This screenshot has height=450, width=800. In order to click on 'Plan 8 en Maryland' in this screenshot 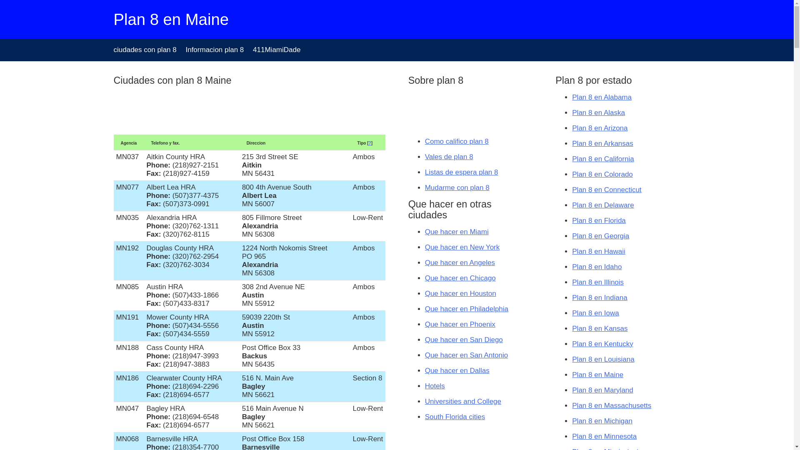, I will do `click(602, 390)`.